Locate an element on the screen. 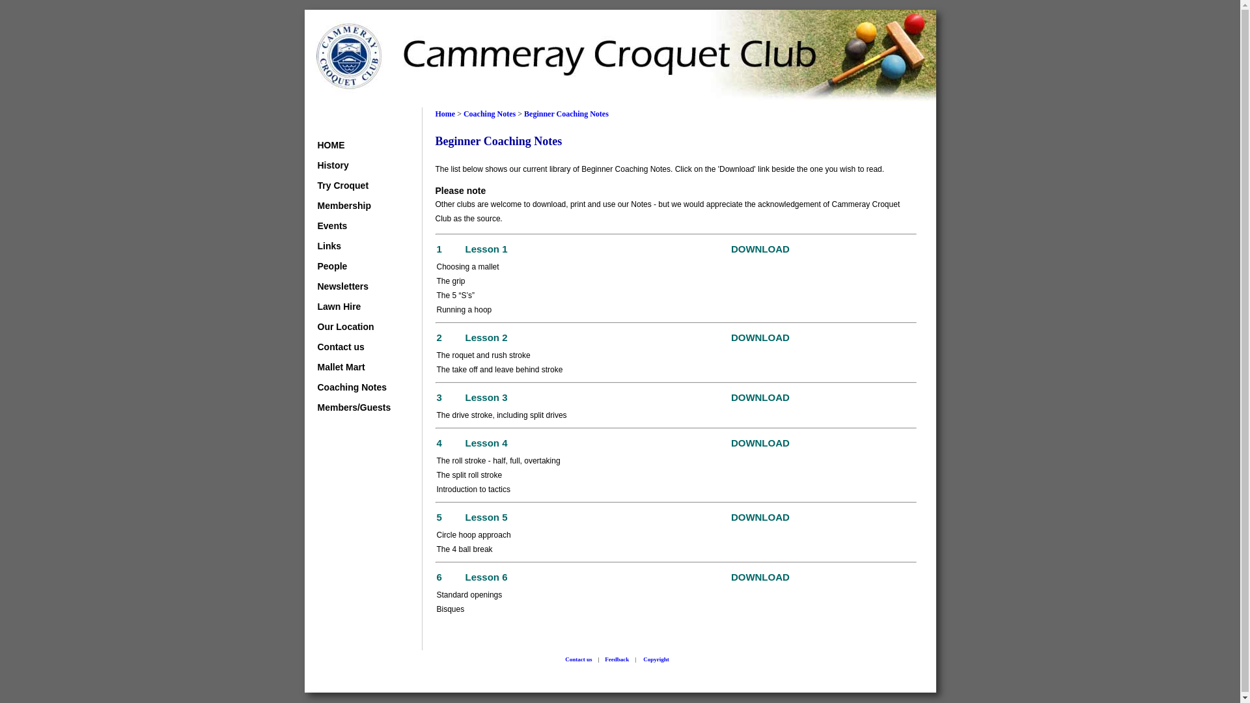 This screenshot has height=703, width=1250. 'DOWNLOAD' is located at coordinates (760, 398).